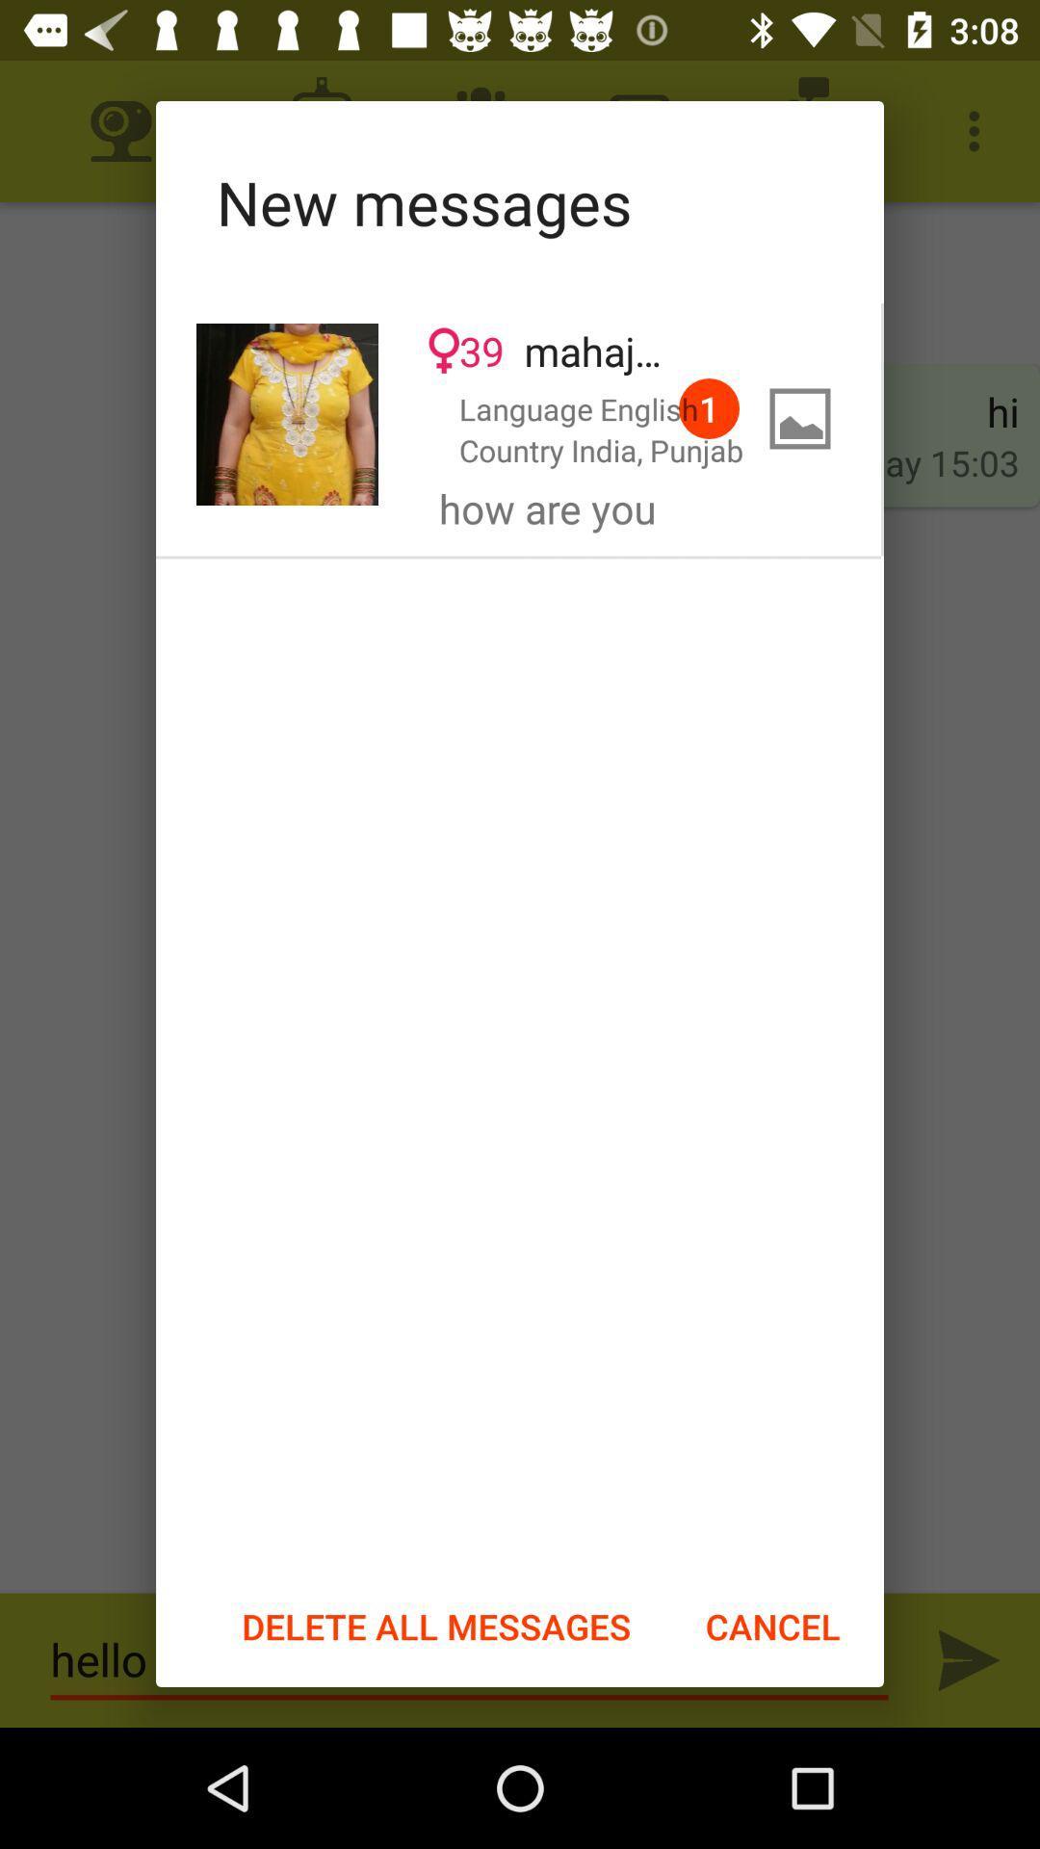 This screenshot has width=1040, height=1849. Describe the element at coordinates (287, 413) in the screenshot. I see `picture` at that location.